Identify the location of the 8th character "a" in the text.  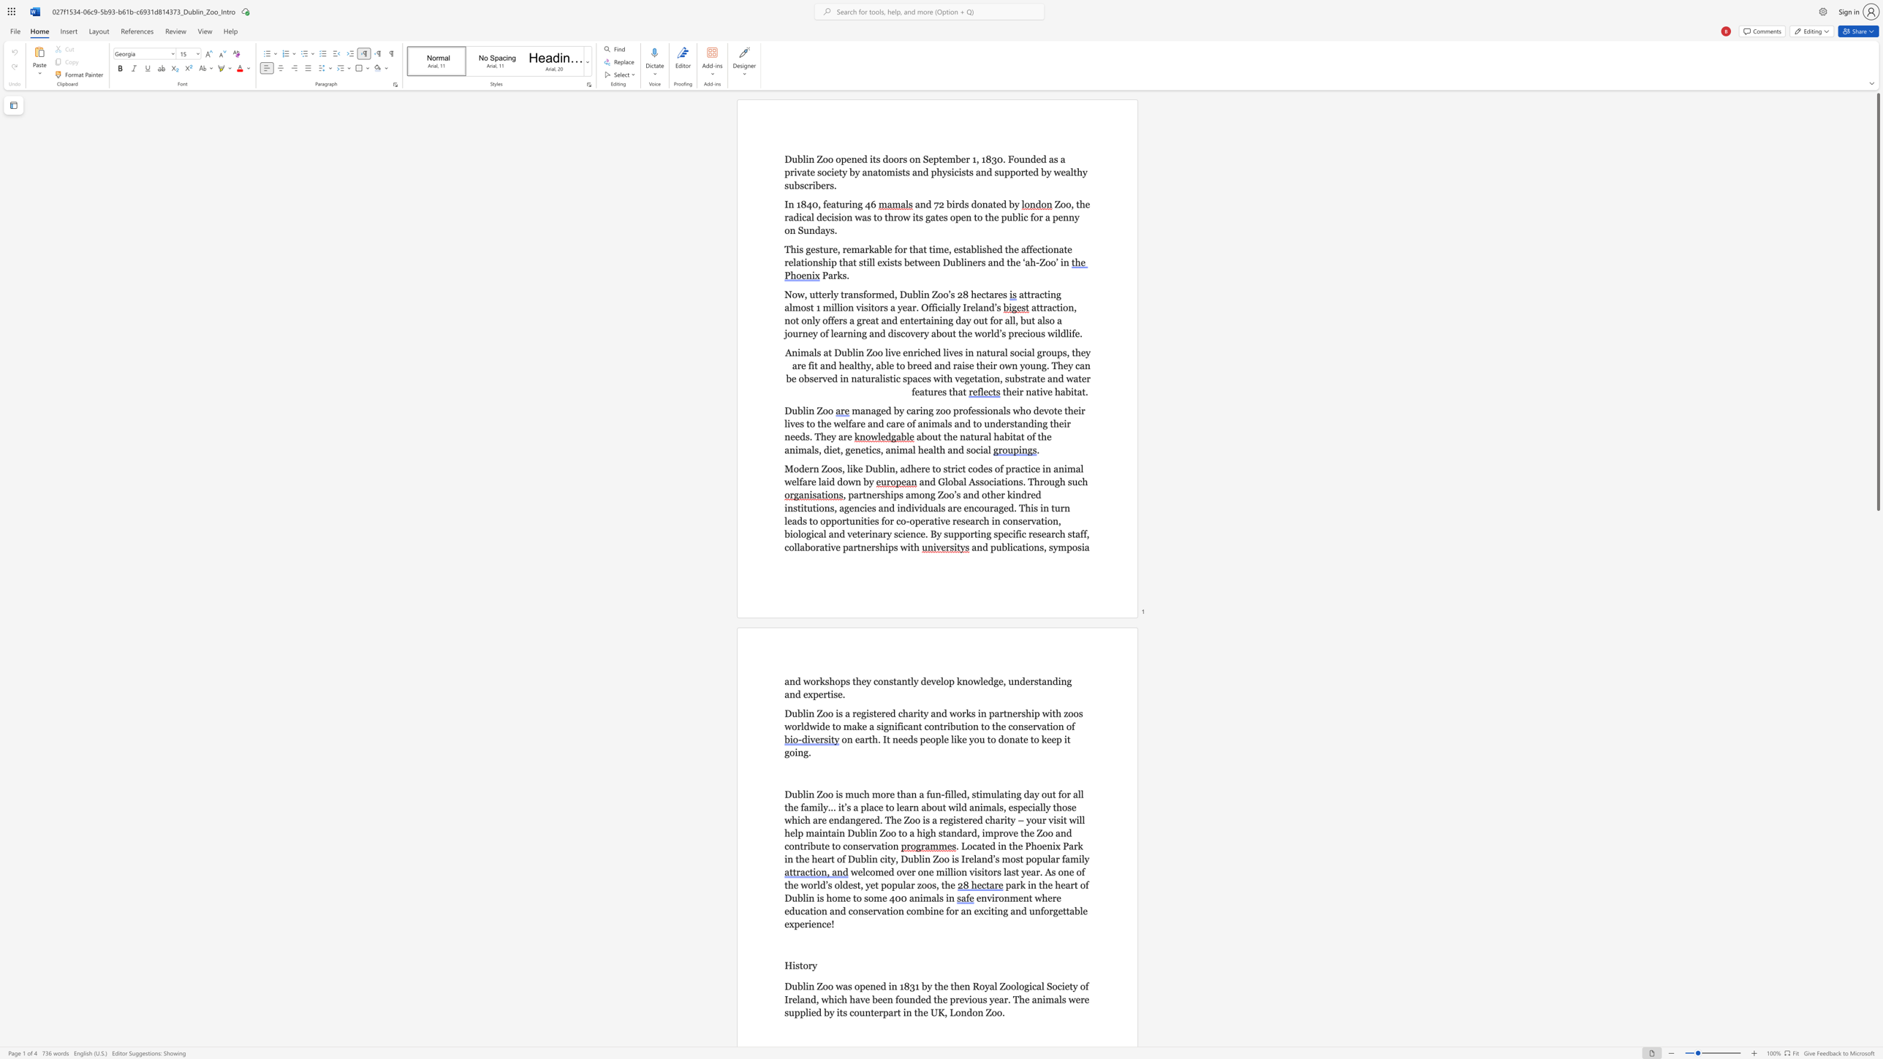
(851, 365).